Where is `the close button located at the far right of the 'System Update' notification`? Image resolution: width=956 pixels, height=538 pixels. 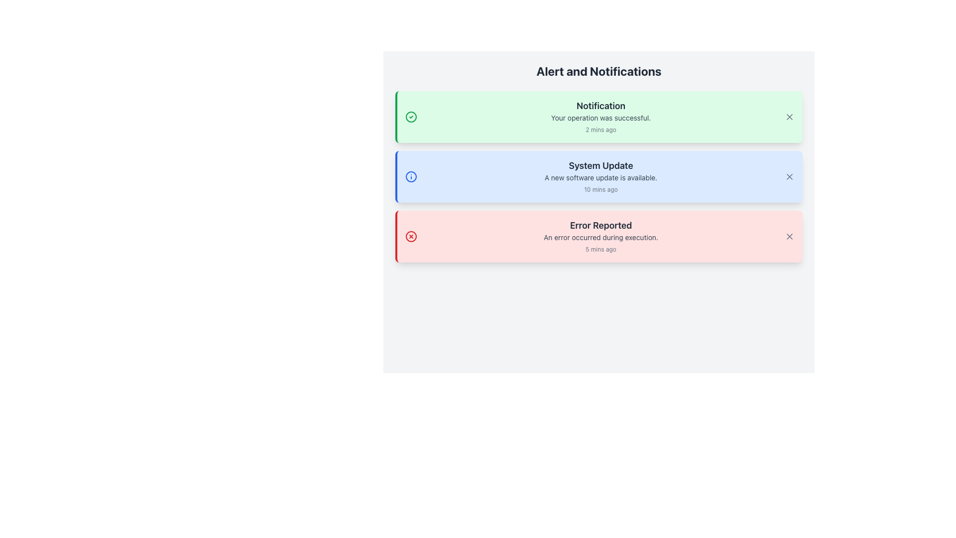 the close button located at the far right of the 'System Update' notification is located at coordinates (789, 176).